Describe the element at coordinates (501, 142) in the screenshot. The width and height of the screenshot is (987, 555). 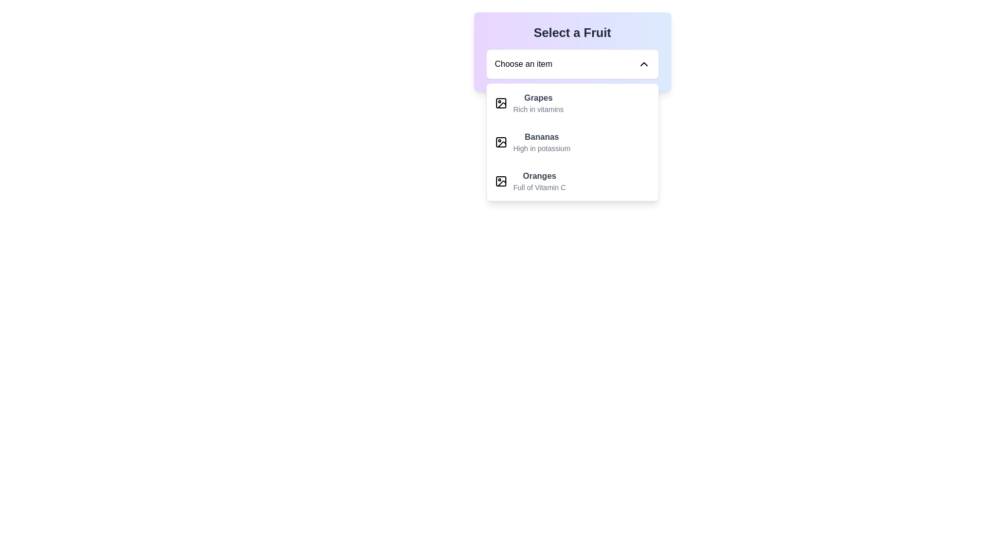
I see `the 'Bananas' icon in the dropdown menu, which is the second icon in a vertical list of three, visually representing the 'Bananas' option` at that location.